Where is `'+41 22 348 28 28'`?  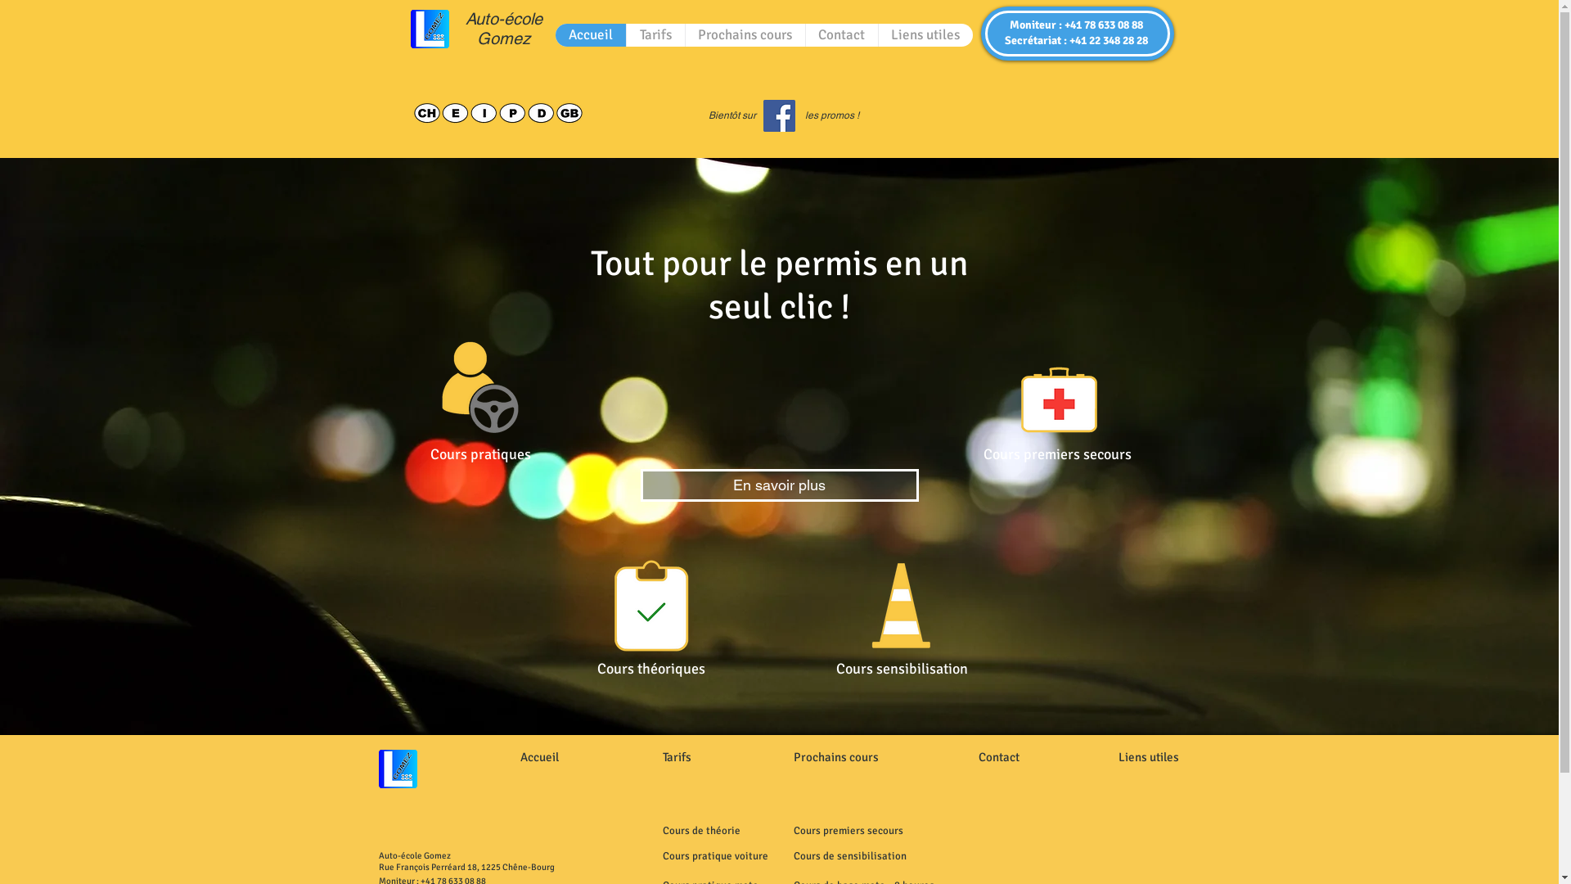 '+41 22 348 28 28' is located at coordinates (1068, 39).